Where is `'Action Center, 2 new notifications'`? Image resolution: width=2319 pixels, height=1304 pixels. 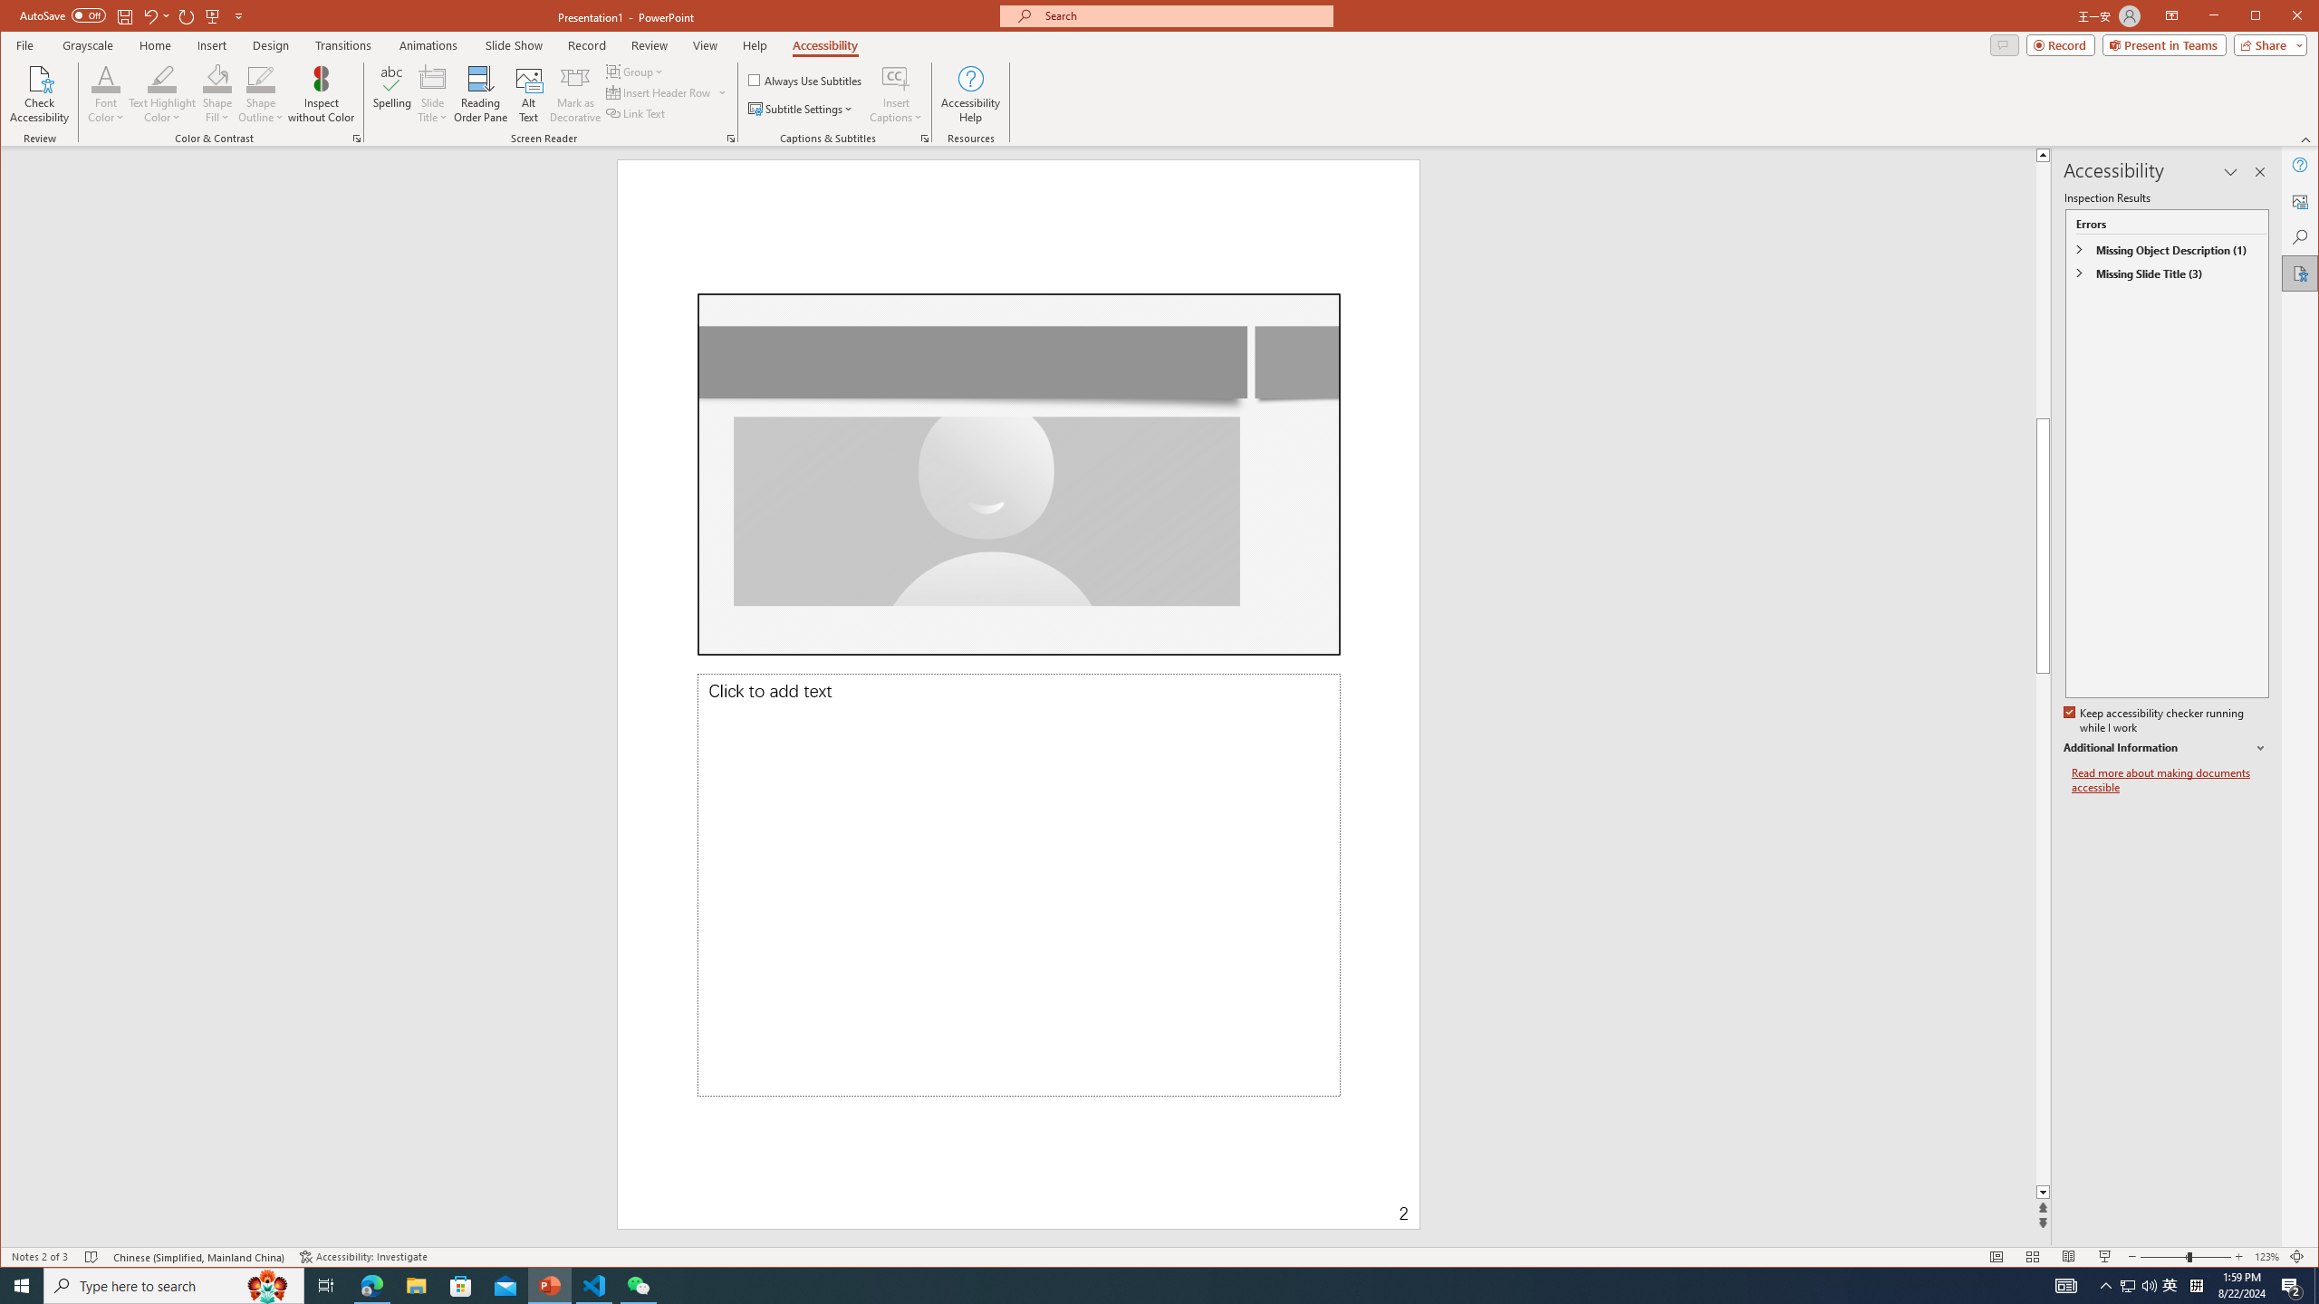
'Action Center, 2 new notifications' is located at coordinates (2292, 1284).